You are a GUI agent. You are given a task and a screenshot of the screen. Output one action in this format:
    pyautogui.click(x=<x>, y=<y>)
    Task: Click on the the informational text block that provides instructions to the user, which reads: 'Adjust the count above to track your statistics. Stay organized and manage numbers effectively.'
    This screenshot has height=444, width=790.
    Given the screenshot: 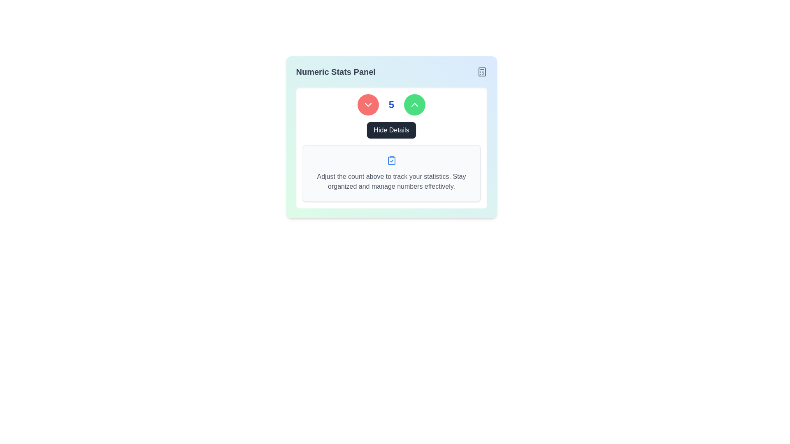 What is the action you would take?
    pyautogui.click(x=391, y=181)
    